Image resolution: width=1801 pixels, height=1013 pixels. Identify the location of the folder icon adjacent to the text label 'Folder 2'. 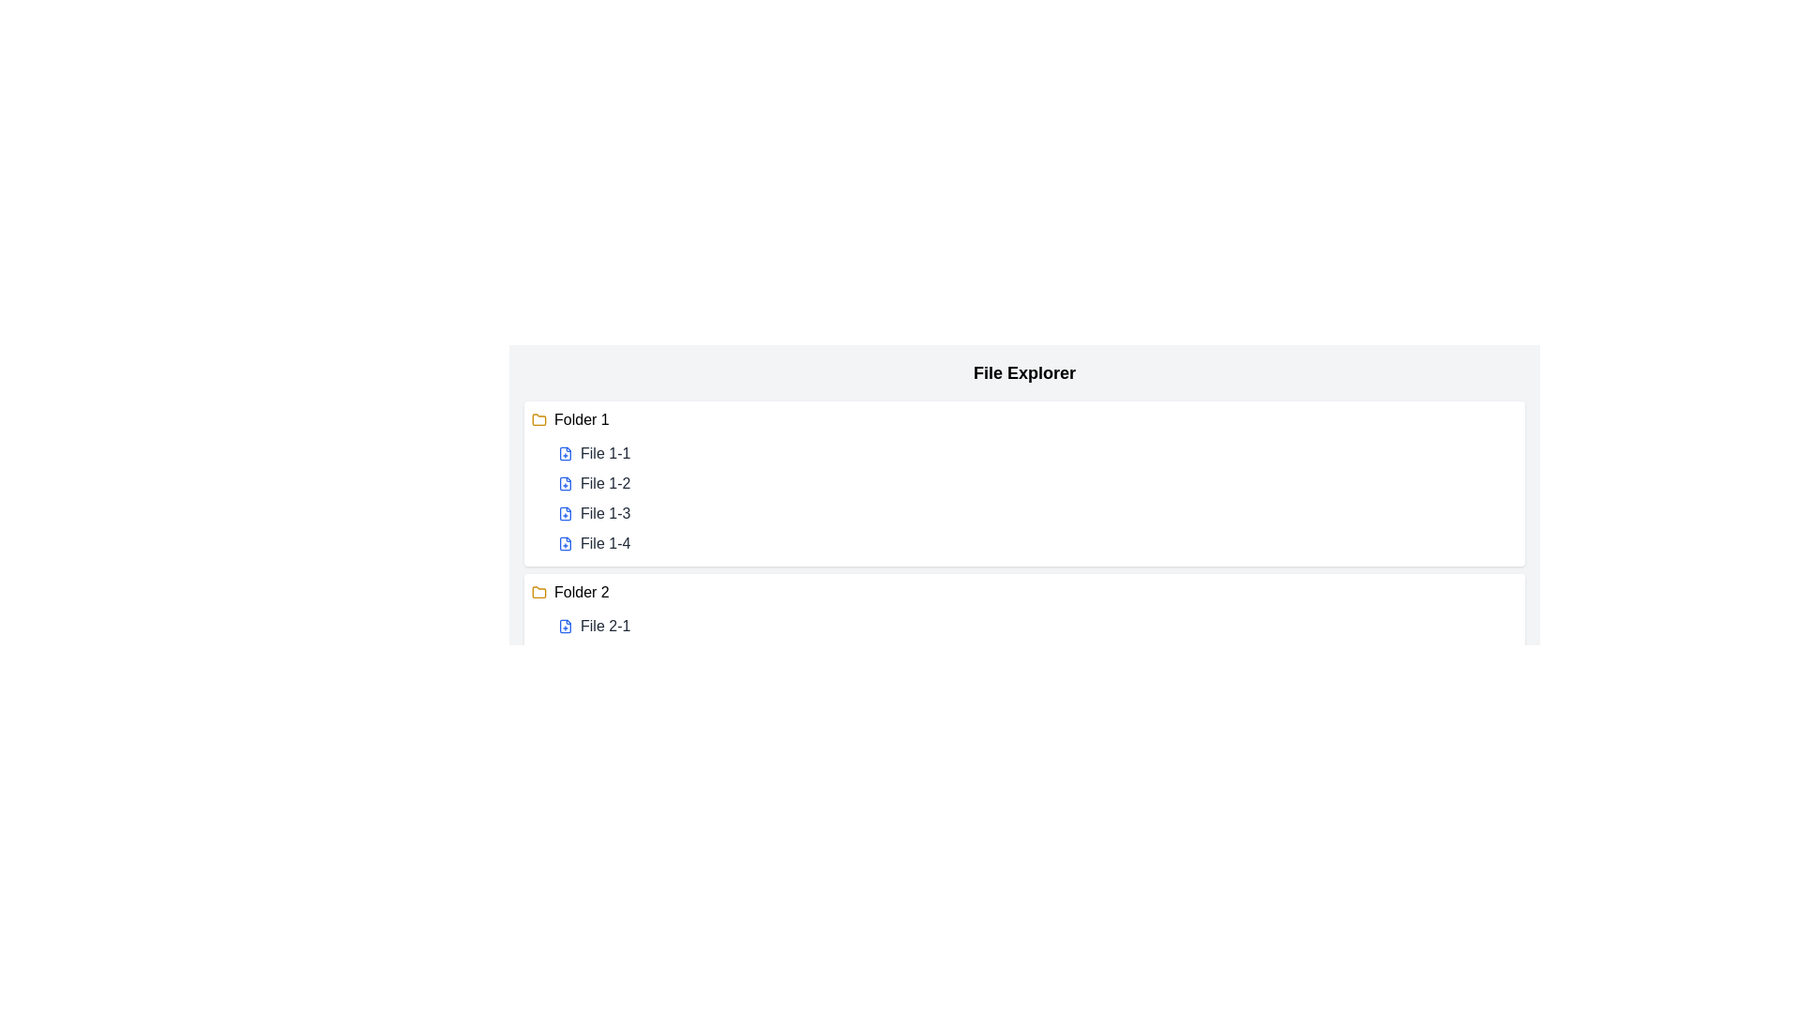
(538, 592).